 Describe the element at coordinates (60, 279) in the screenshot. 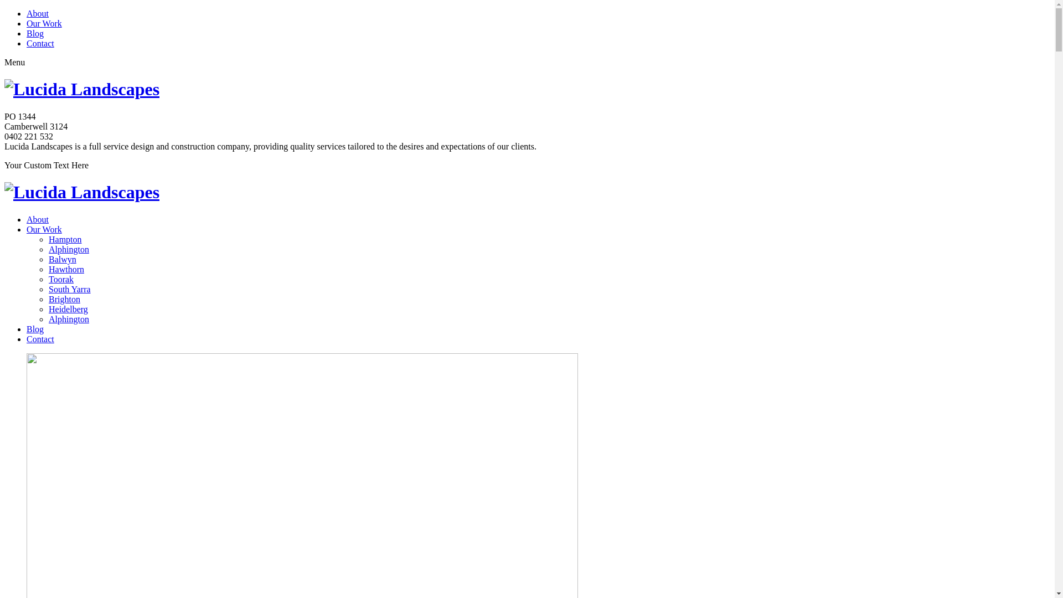

I see `'Toorak'` at that location.